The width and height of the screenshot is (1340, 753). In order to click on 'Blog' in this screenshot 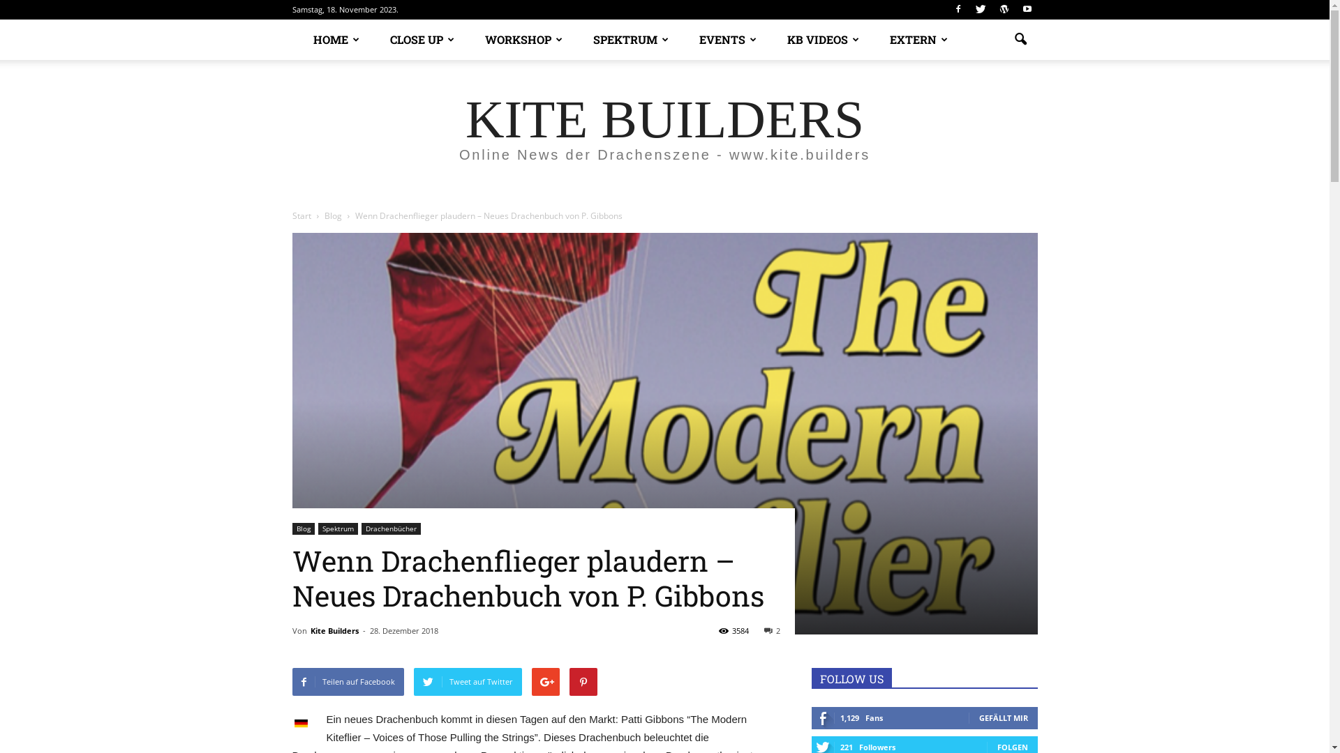, I will do `click(333, 215)`.